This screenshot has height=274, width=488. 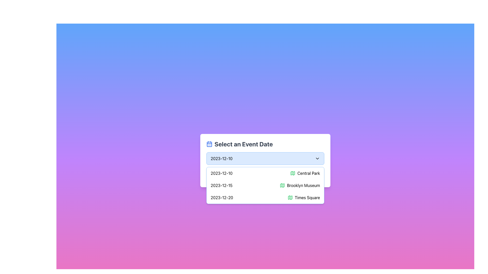 I want to click on the third item in the dropdown menu representing the event at Times Square on December 20, 2023, so click(x=265, y=197).